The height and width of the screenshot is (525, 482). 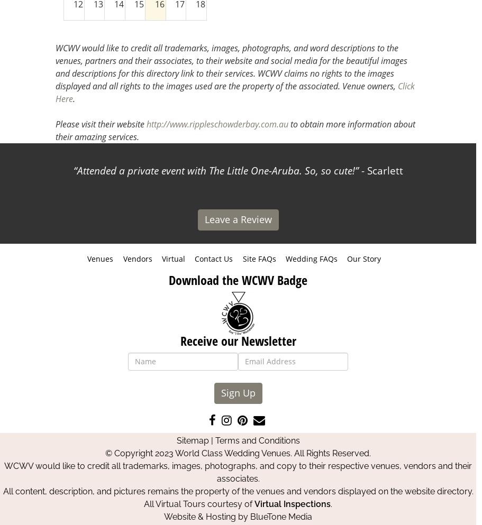 What do you see at coordinates (113, 72) in the screenshot?
I see `'28'` at bounding box center [113, 72].